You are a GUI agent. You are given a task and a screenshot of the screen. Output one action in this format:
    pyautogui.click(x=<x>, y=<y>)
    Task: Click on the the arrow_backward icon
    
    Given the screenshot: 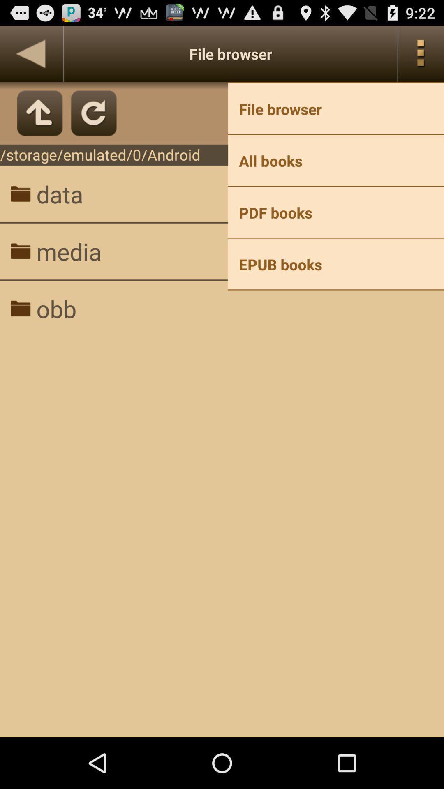 What is the action you would take?
    pyautogui.click(x=31, y=57)
    